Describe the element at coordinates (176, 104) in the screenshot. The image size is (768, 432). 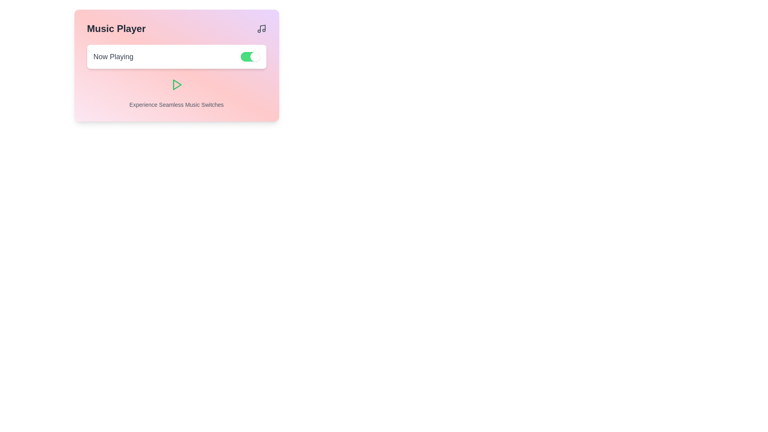
I see `the Static Text element that states 'Experience Seamless Music Switches', located at the bottom of a card-like section, just beneath the play icon button` at that location.